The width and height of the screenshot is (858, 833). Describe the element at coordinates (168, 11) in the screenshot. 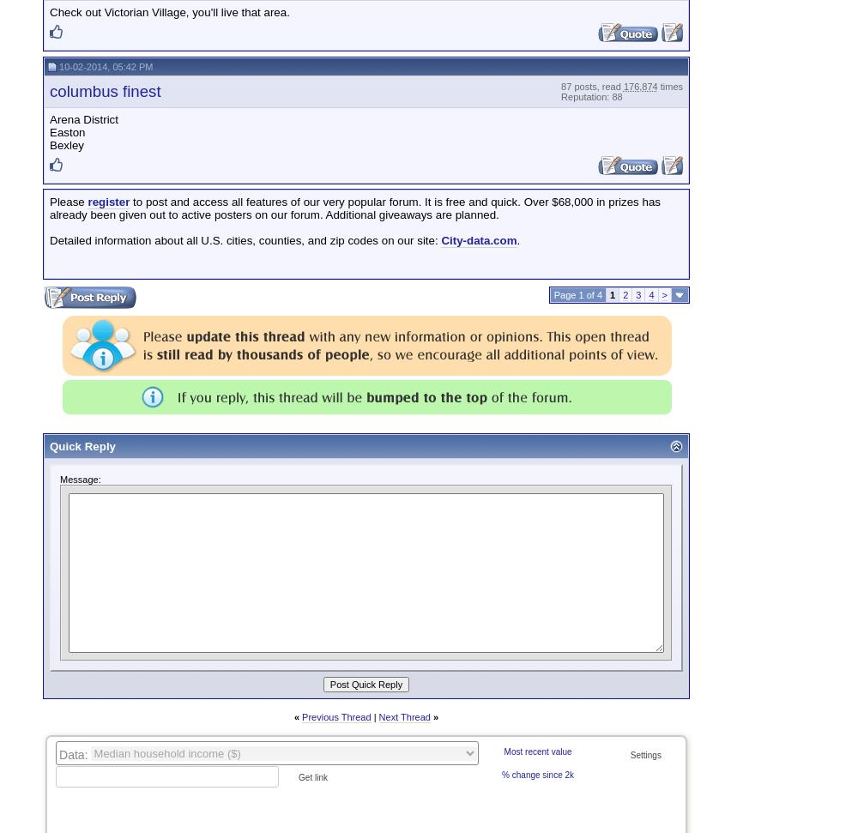

I see `'Check out Victorian Village, you'll live that area.'` at that location.